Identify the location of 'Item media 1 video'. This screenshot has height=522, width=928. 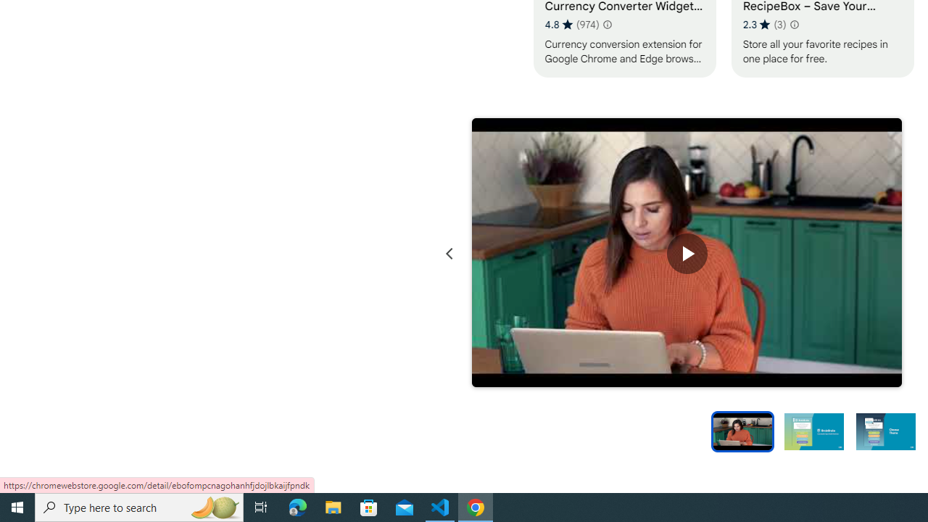
(686, 253).